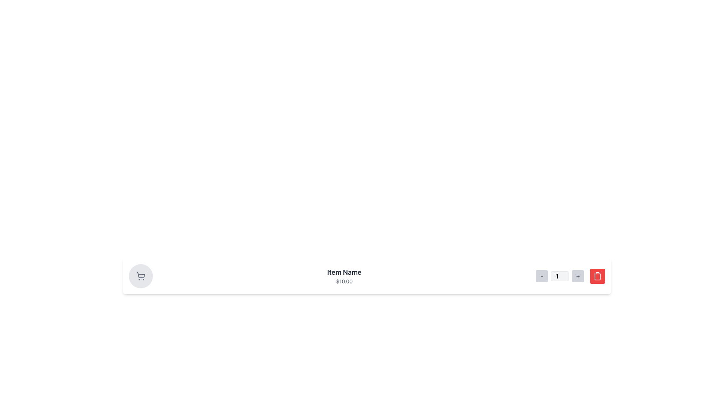  I want to click on the shopping cart icon, which is centrally positioned within an SVG group element and represents cart-related actions in the user interface, so click(141, 275).